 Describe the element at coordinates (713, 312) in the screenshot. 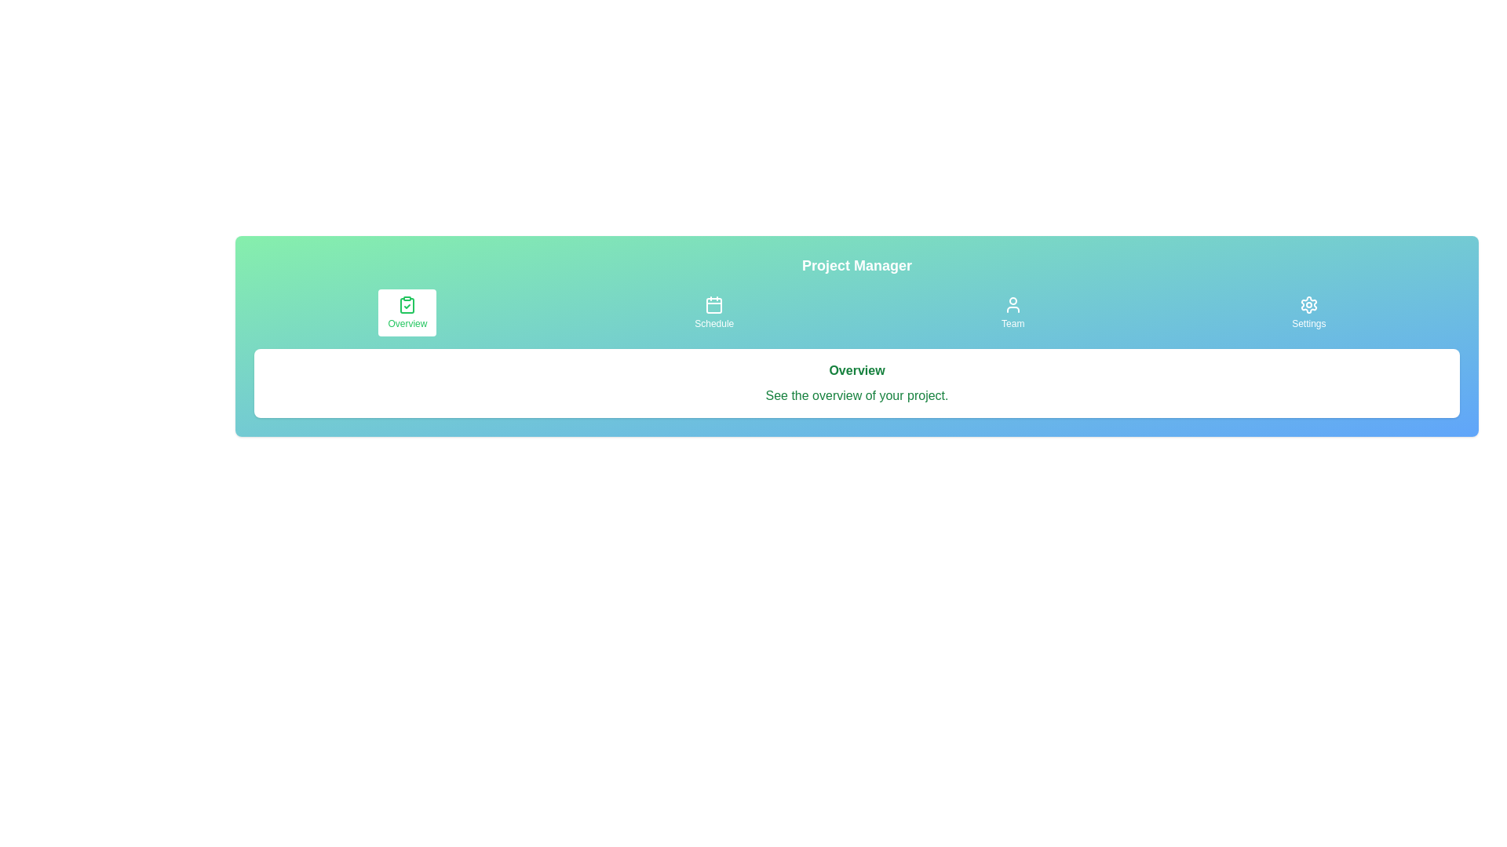

I see `the 'Schedule' button` at that location.